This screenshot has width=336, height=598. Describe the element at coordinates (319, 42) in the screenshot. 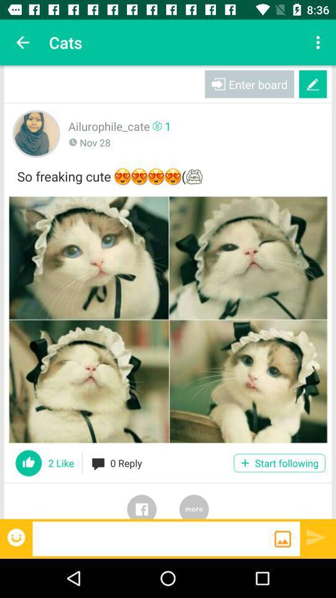

I see `the app to the right of cats app` at that location.